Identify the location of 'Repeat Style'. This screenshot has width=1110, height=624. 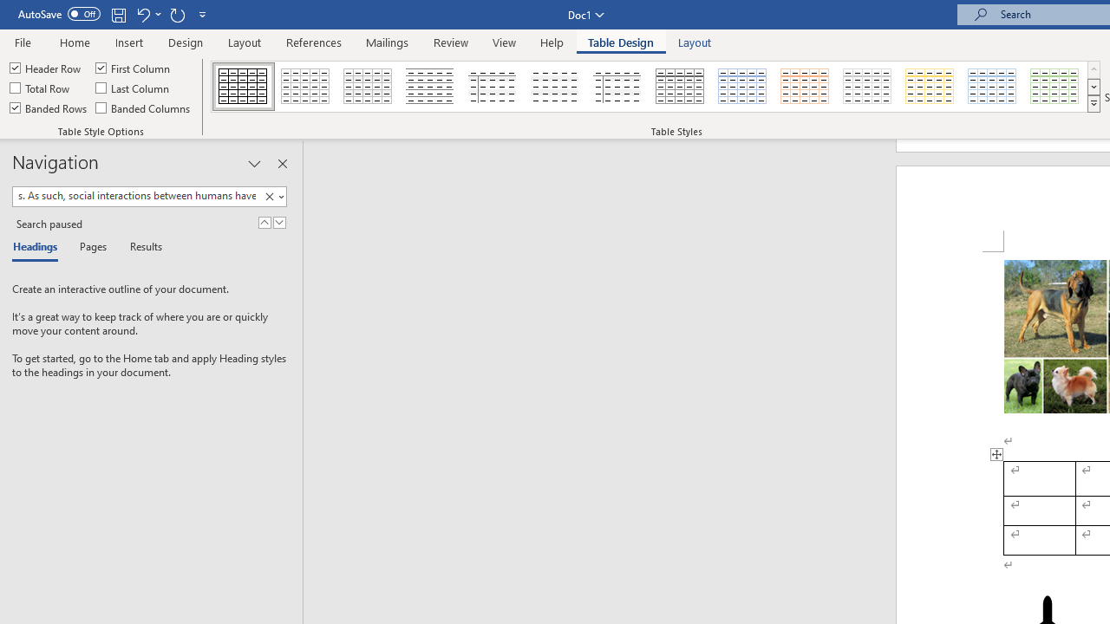
(177, 14).